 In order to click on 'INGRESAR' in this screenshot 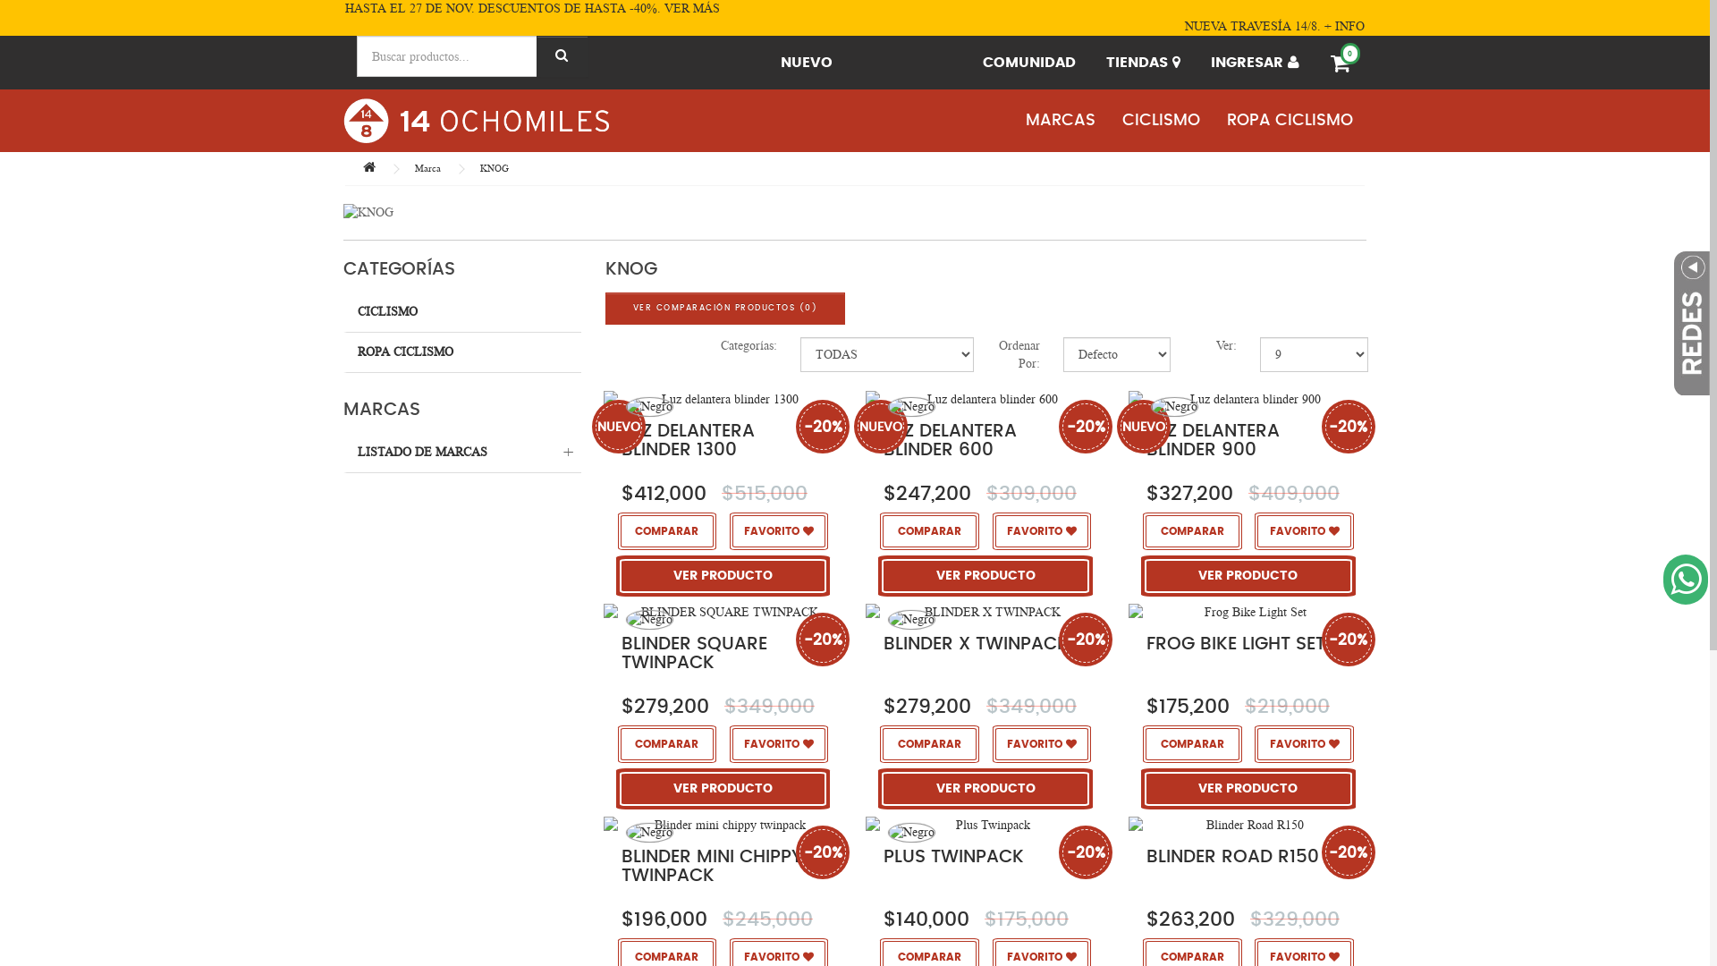, I will do `click(1197, 61)`.